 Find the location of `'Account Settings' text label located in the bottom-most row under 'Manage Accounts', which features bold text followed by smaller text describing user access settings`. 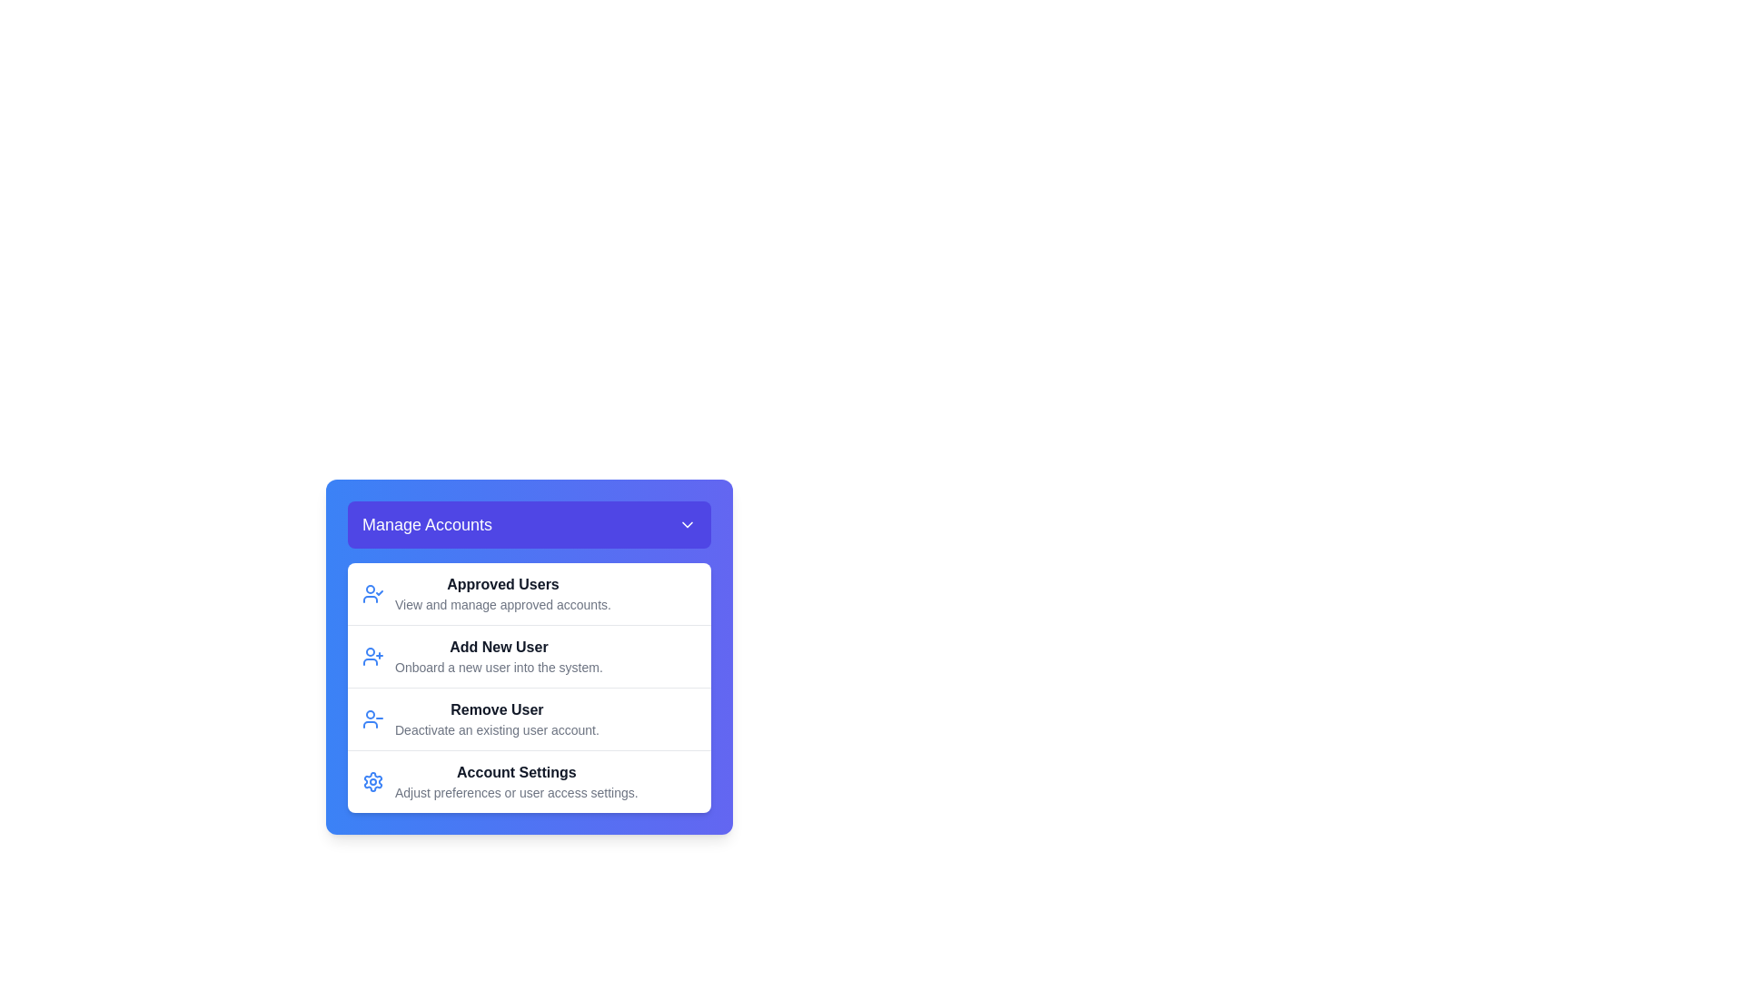

'Account Settings' text label located in the bottom-most row under 'Manage Accounts', which features bold text followed by smaller text describing user access settings is located at coordinates (515, 780).